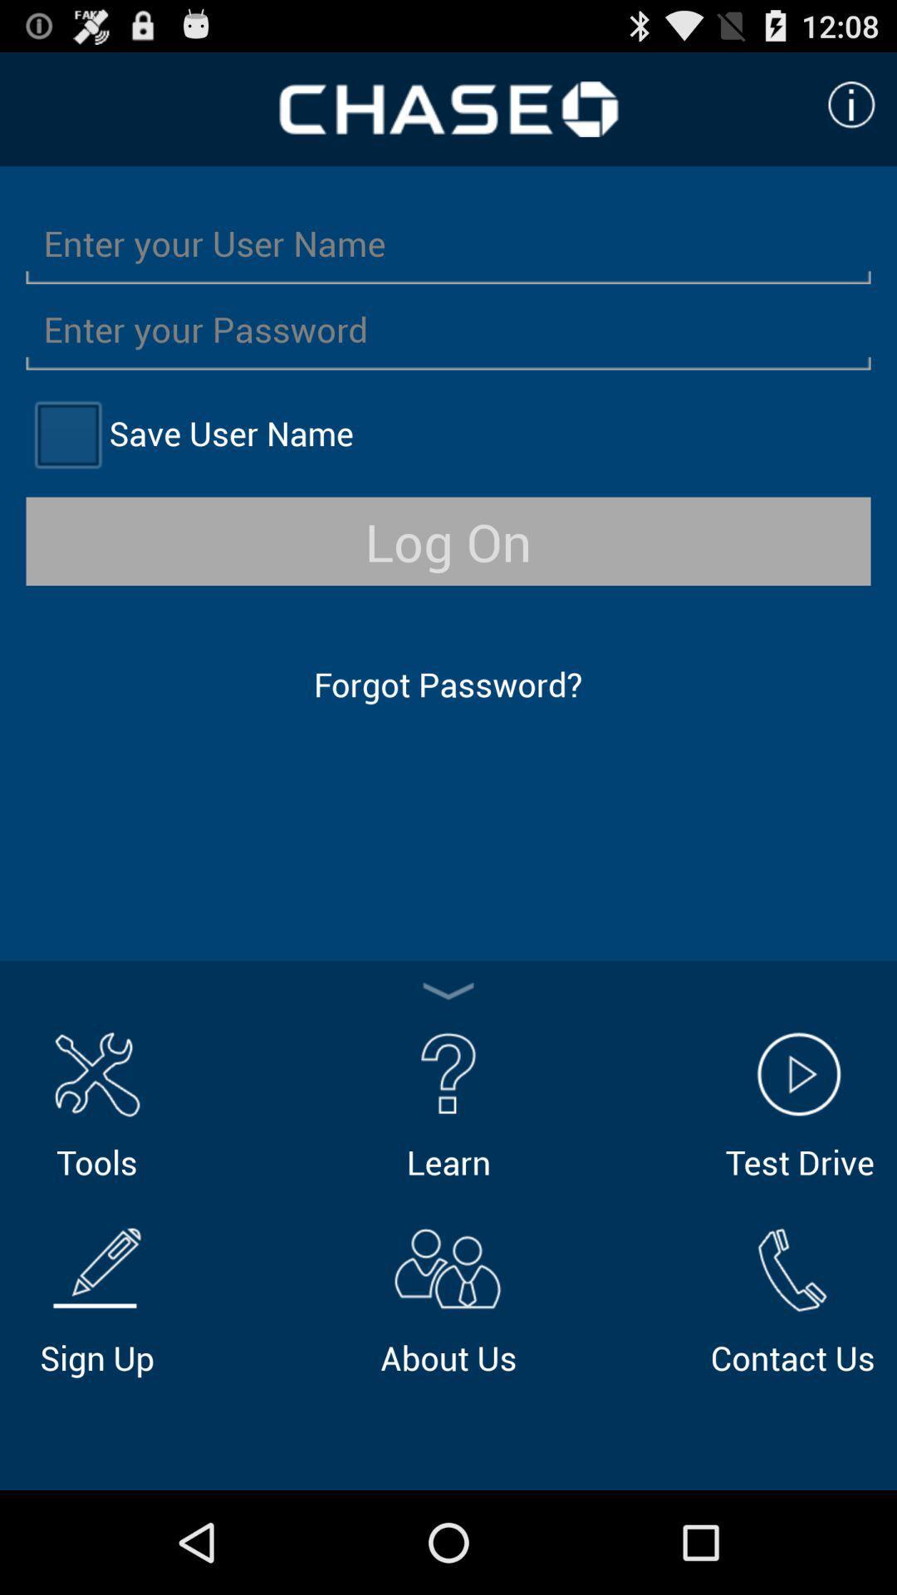 This screenshot has width=897, height=1595. Describe the element at coordinates (851, 111) in the screenshot. I see `the info icon` at that location.